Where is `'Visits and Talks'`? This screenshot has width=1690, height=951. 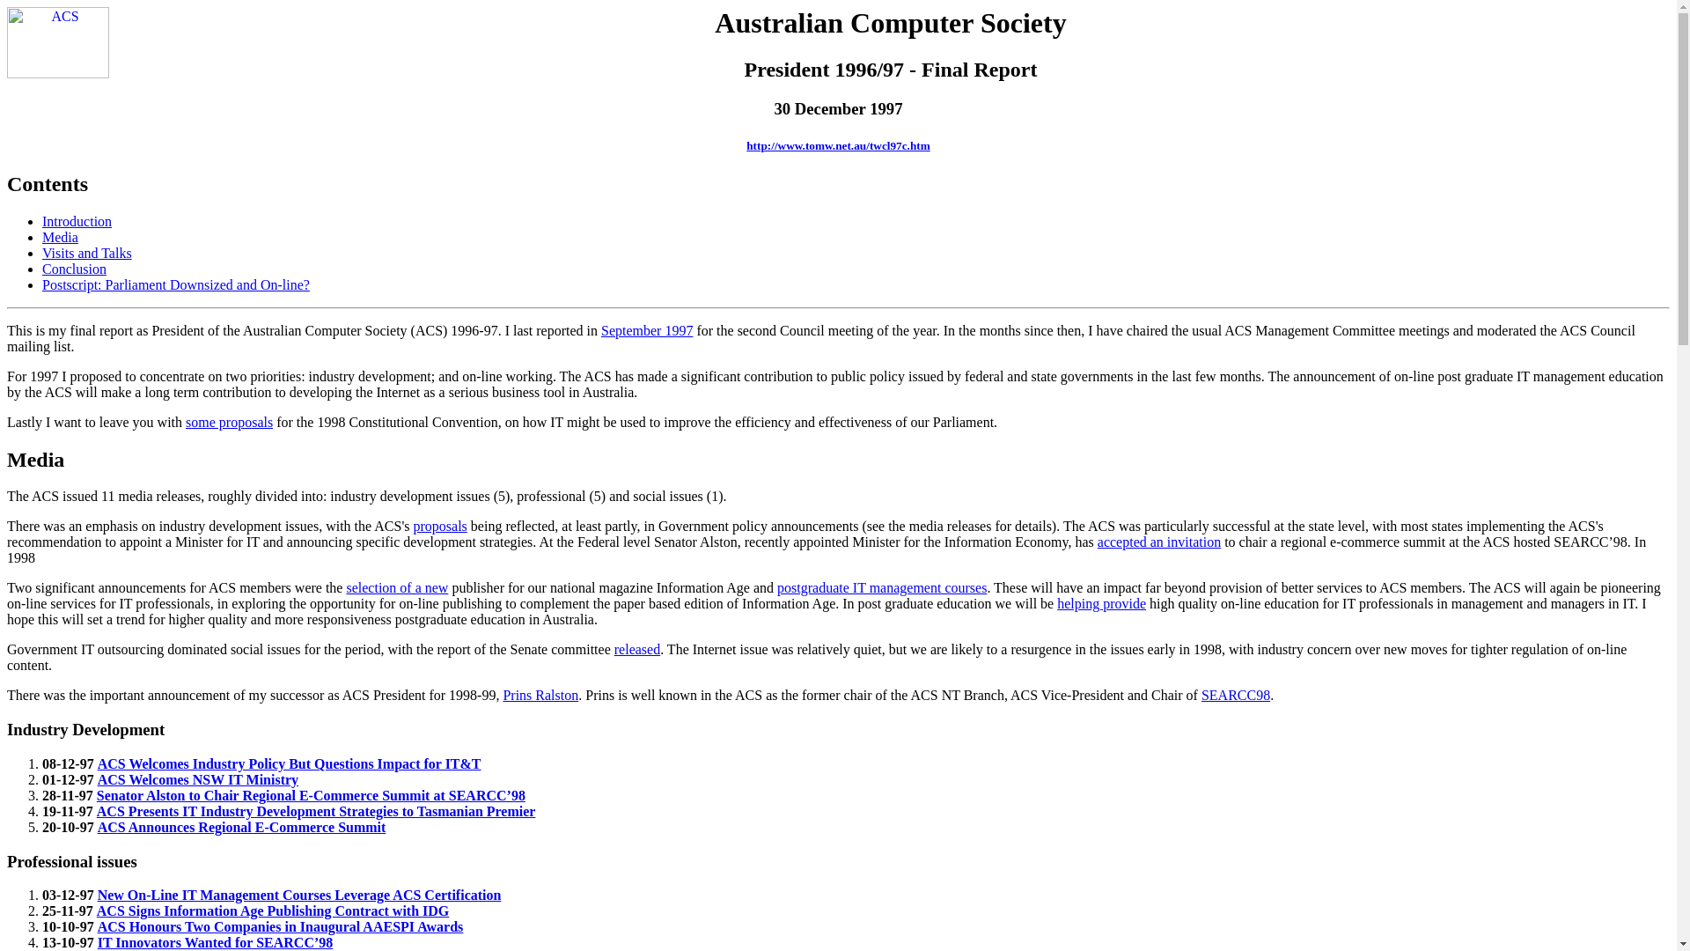 'Visits and Talks' is located at coordinates (86, 253).